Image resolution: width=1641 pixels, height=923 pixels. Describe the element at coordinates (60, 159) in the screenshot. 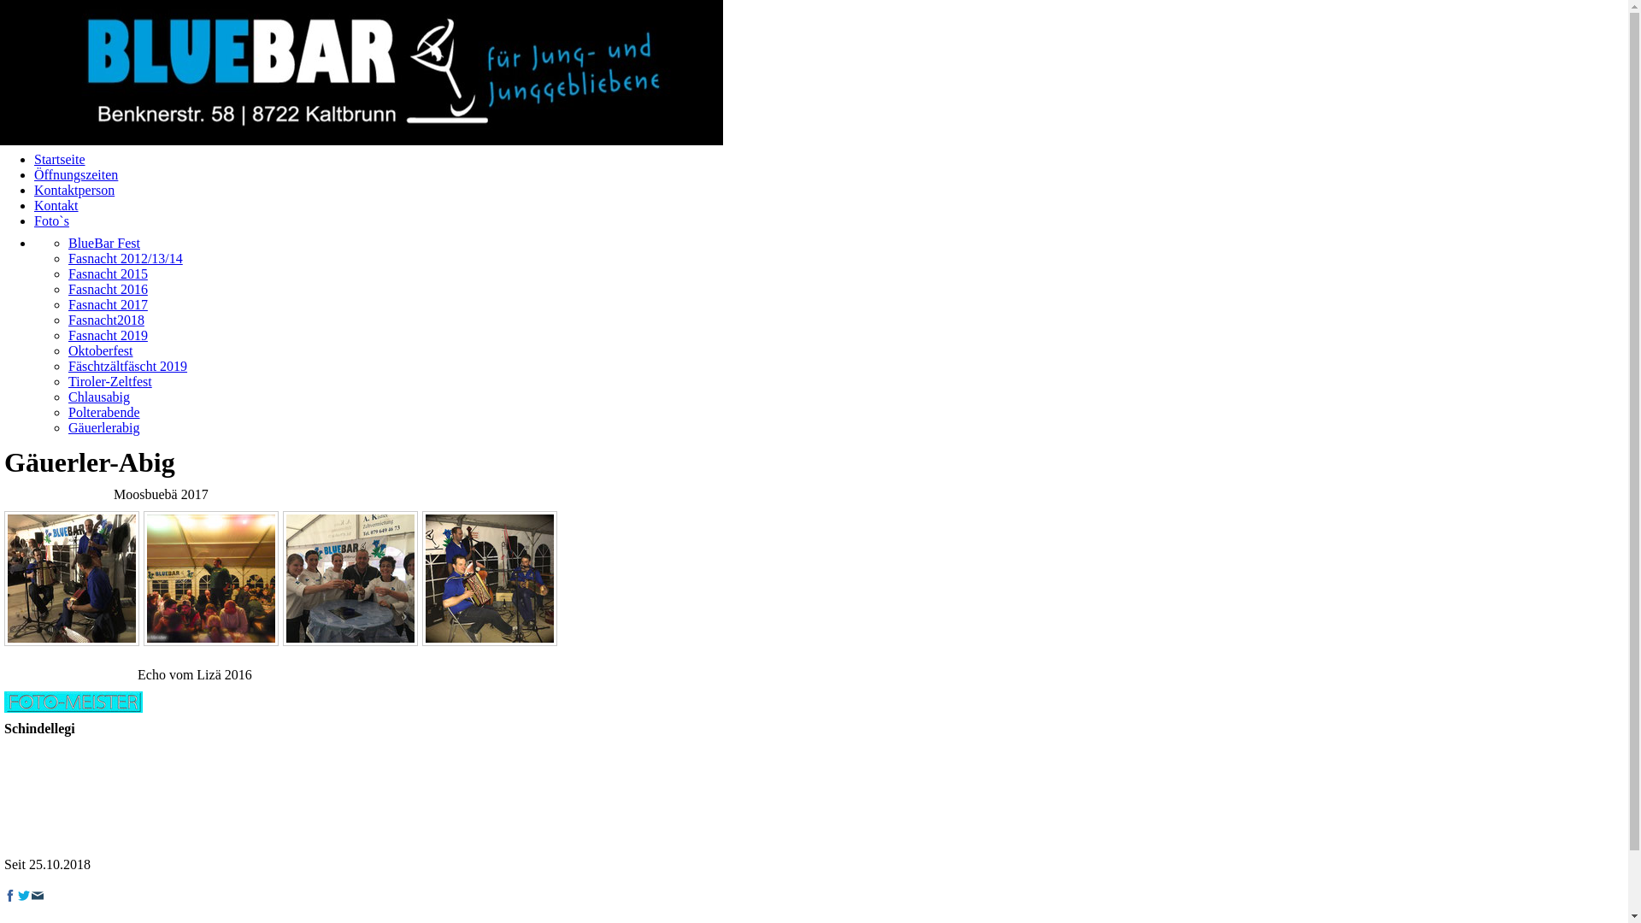

I see `'Startseite'` at that location.